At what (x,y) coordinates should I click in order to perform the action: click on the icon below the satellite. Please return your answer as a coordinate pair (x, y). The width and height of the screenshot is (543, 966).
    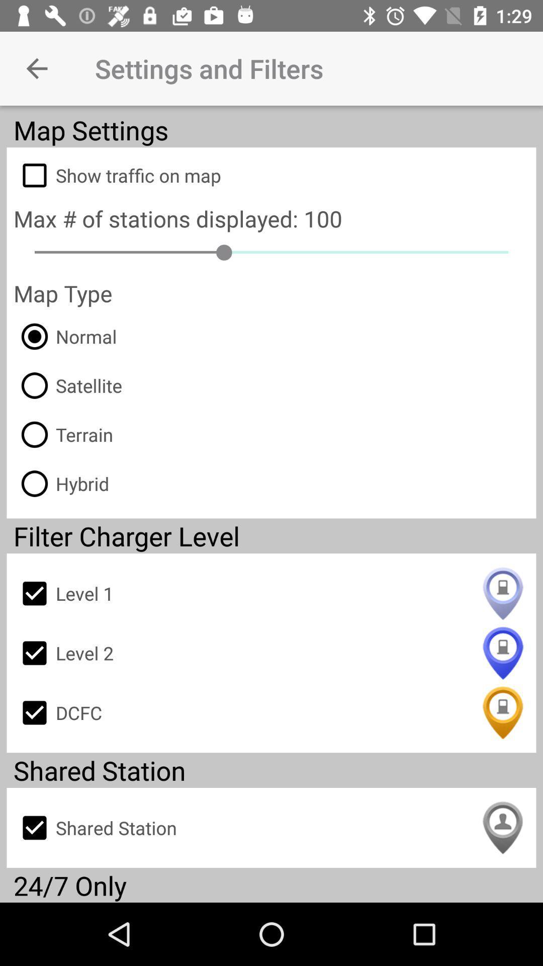
    Looking at the image, I should click on (63, 435).